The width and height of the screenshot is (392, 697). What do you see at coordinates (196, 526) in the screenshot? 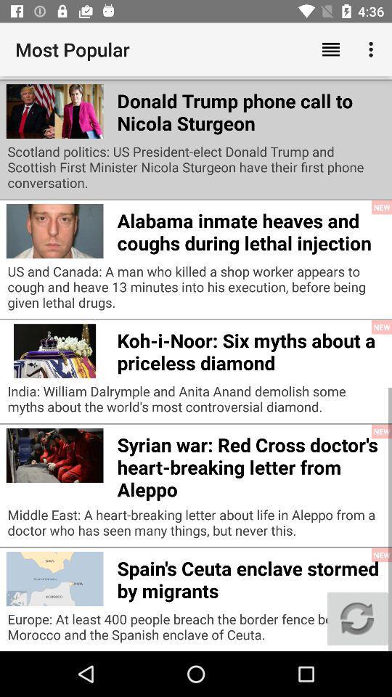
I see `the icon below the syrian war red item` at bounding box center [196, 526].